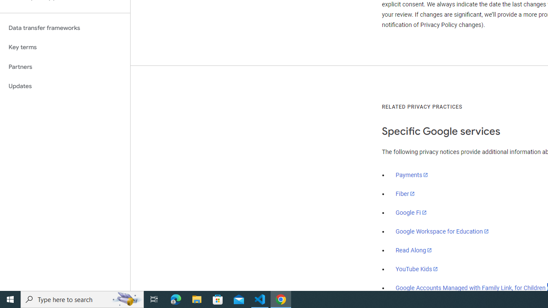 This screenshot has width=548, height=308. What do you see at coordinates (65, 27) in the screenshot?
I see `'Data transfer frameworks'` at bounding box center [65, 27].